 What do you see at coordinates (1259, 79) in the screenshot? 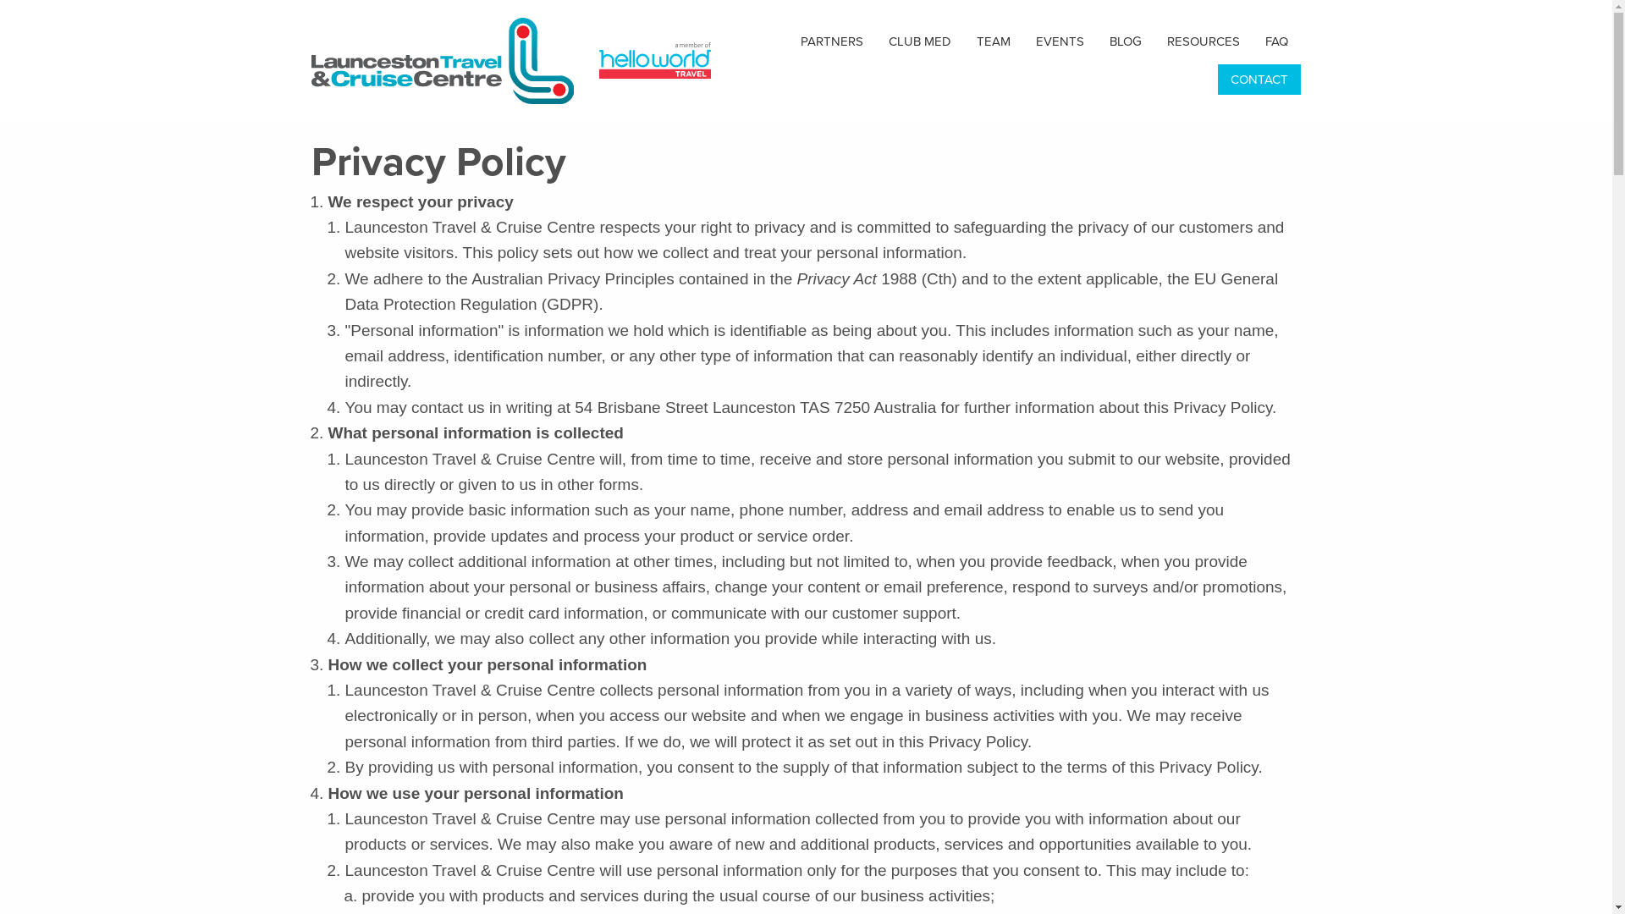
I see `'CONTACT'` at bounding box center [1259, 79].